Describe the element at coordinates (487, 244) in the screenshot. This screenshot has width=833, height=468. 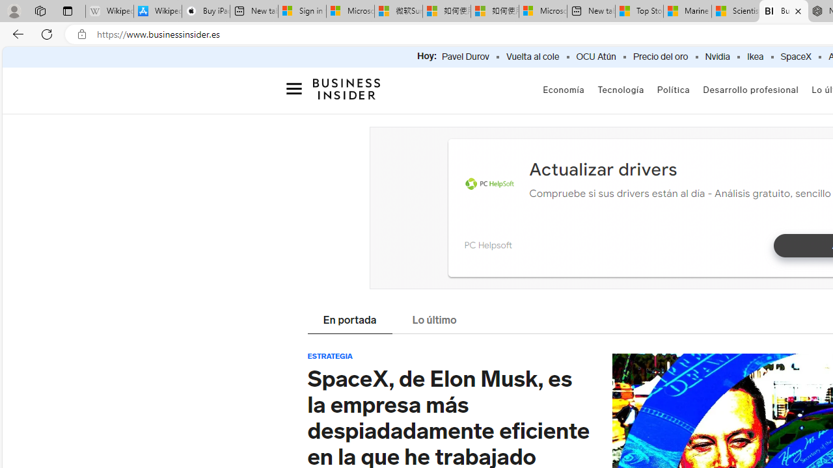
I see `'PC Helpsoft'` at that location.